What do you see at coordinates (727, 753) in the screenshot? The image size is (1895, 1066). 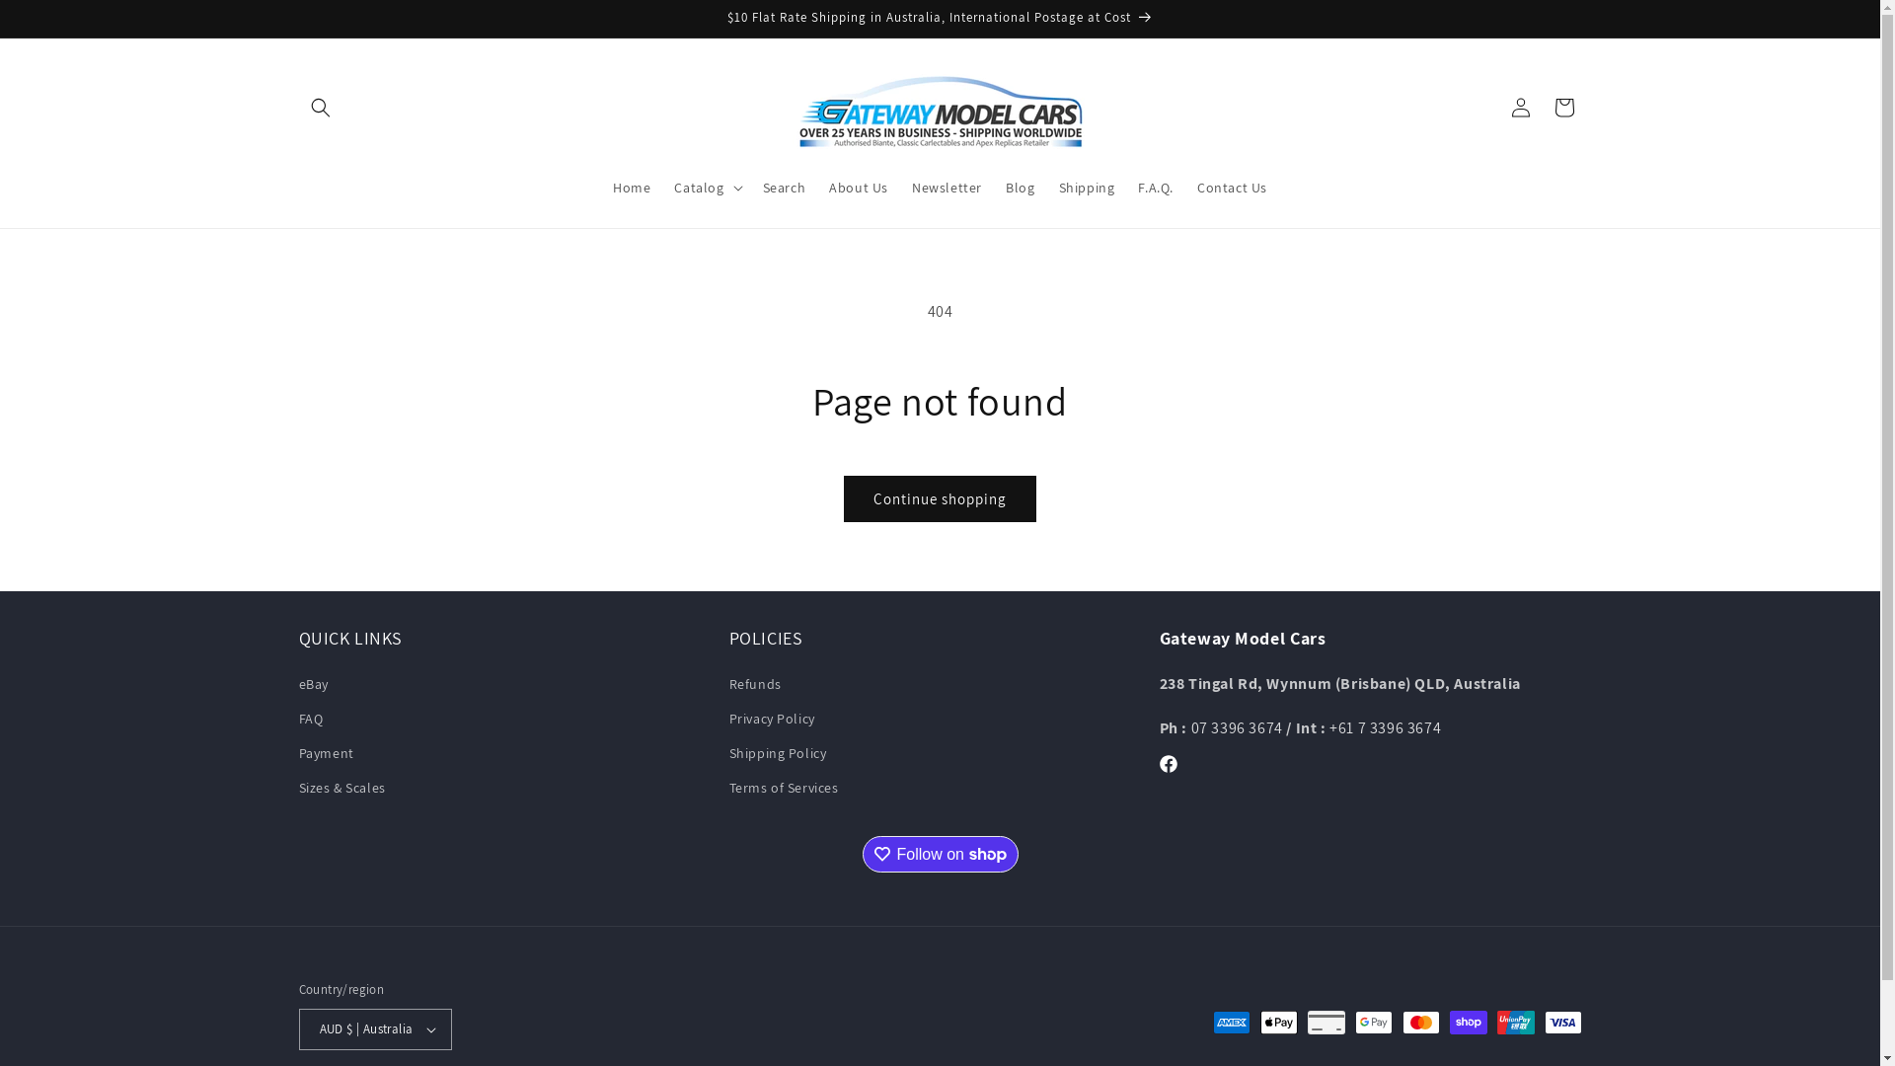 I see `'Shipping Policy'` at bounding box center [727, 753].